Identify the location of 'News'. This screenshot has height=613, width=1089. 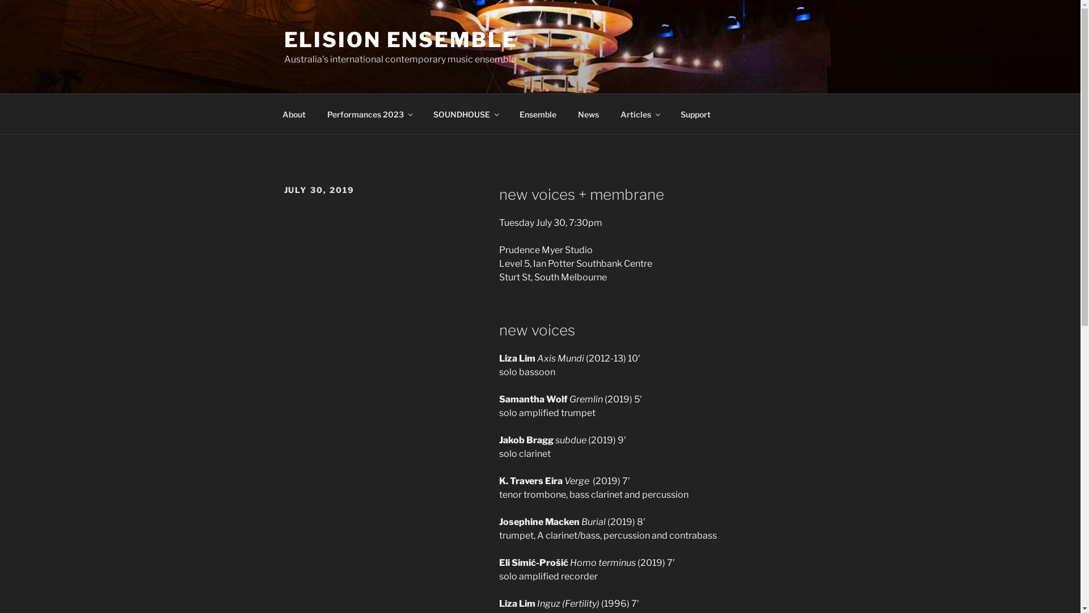
(588, 114).